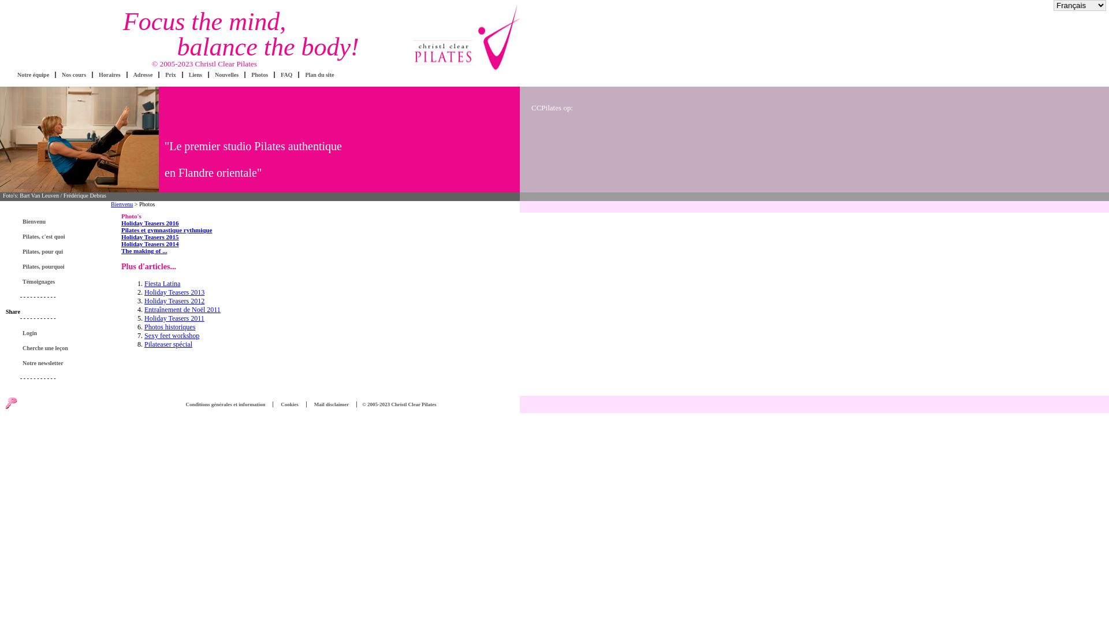 The image size is (1109, 624). Describe the element at coordinates (286, 75) in the screenshot. I see `'FAQ'` at that location.